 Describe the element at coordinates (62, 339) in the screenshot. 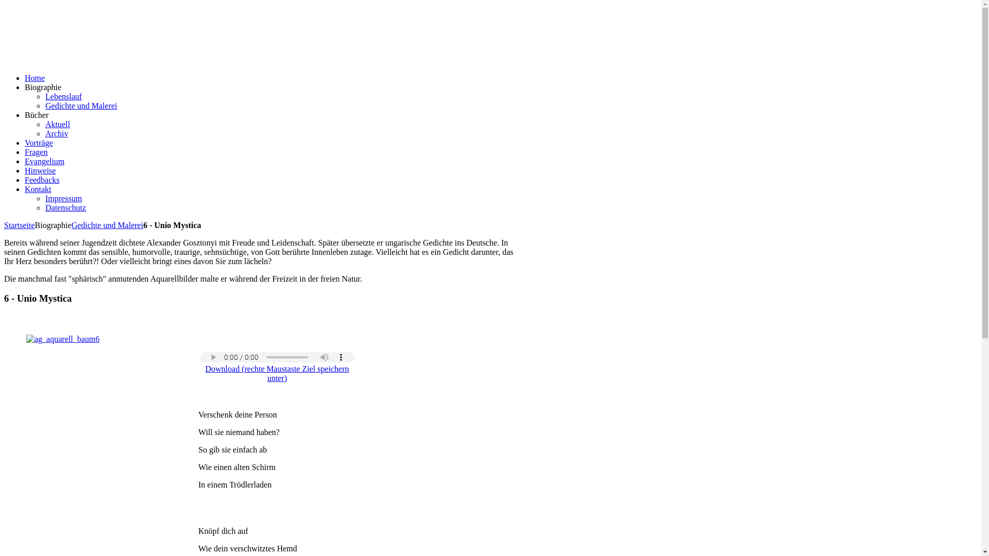

I see `'ag_aquarell_baum6'` at that location.